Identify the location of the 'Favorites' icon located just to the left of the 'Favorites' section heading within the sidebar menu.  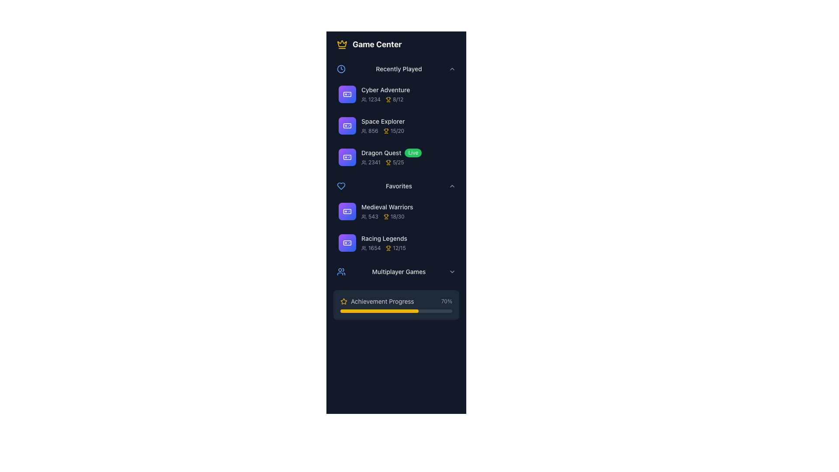
(341, 185).